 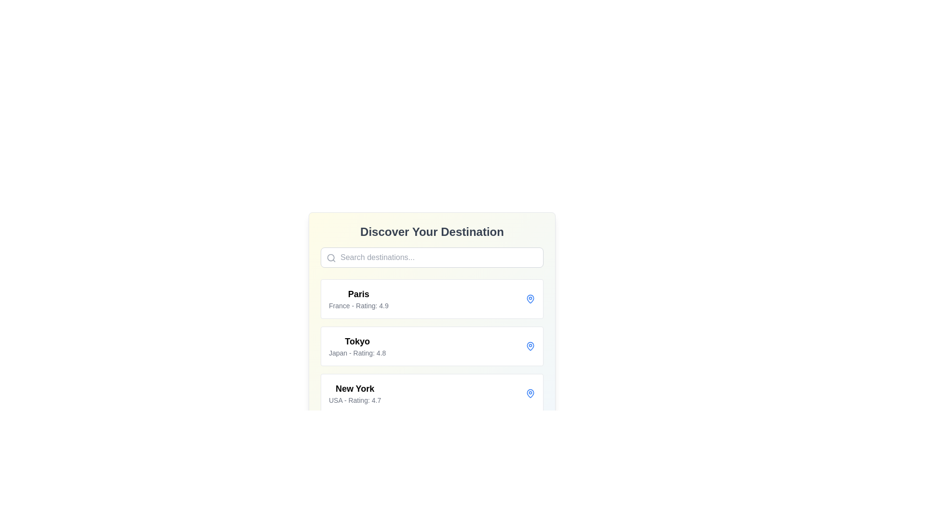 I want to click on the decorative icon fragment within the map pin icon representing the location for 'Paris' in the UI, so click(x=530, y=298).